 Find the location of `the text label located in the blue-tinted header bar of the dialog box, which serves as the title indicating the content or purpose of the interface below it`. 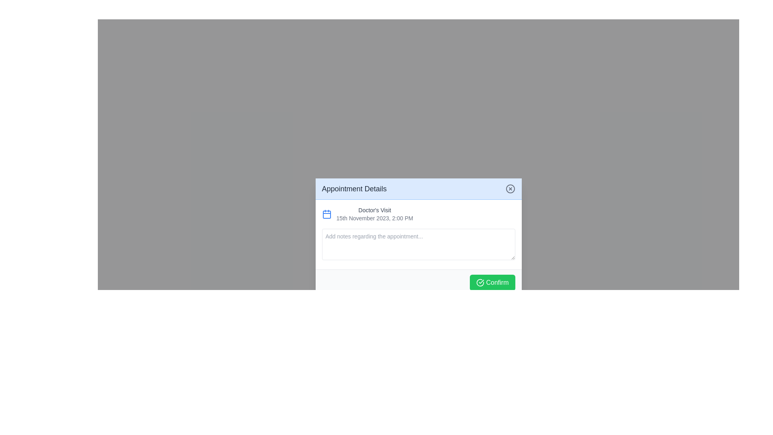

the text label located in the blue-tinted header bar of the dialog box, which serves as the title indicating the content or purpose of the interface below it is located at coordinates (354, 188).